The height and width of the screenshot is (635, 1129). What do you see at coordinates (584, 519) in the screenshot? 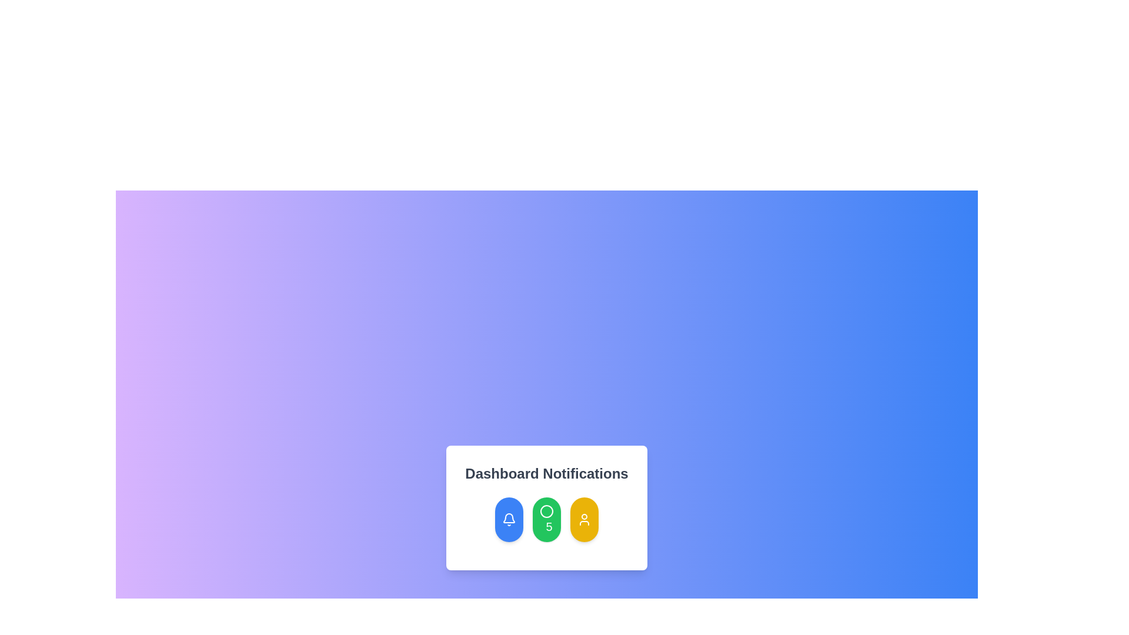
I see `the circular yellow button with a user profile icon at its center` at bounding box center [584, 519].